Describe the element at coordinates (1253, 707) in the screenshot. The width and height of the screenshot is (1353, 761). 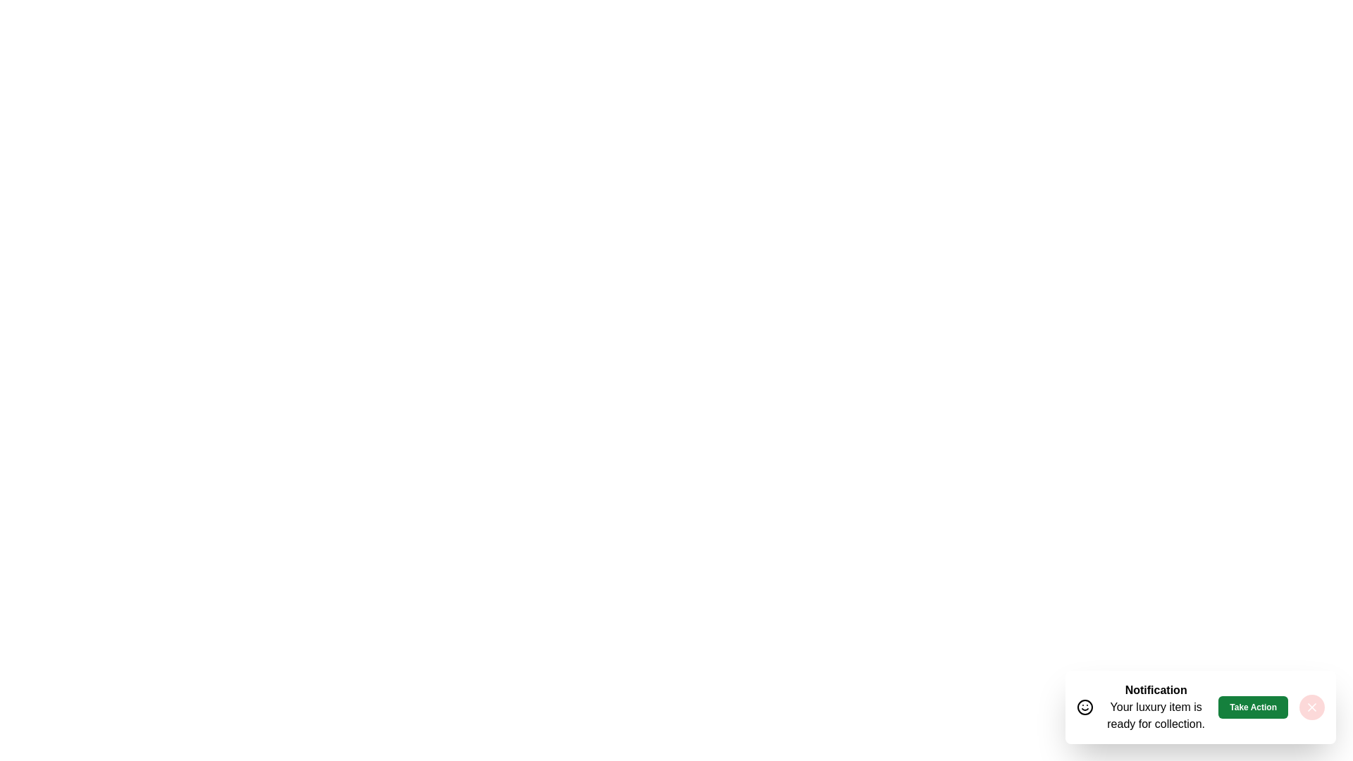
I see `the 'Take Action' button` at that location.